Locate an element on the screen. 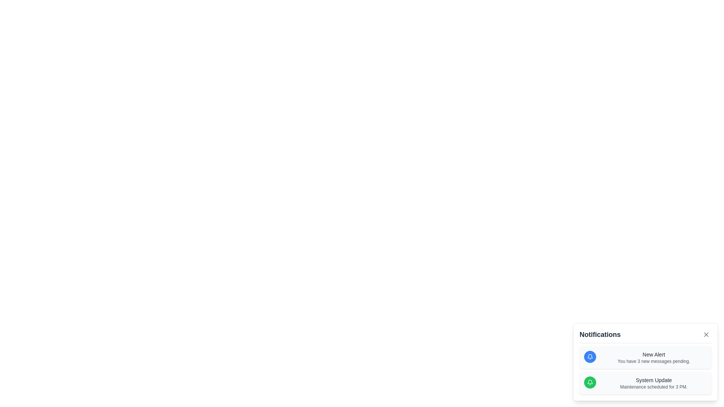  the bell icon located at the top-left region of the notification card, which is styled as a circular button and is associated with notifications is located at coordinates (589, 357).